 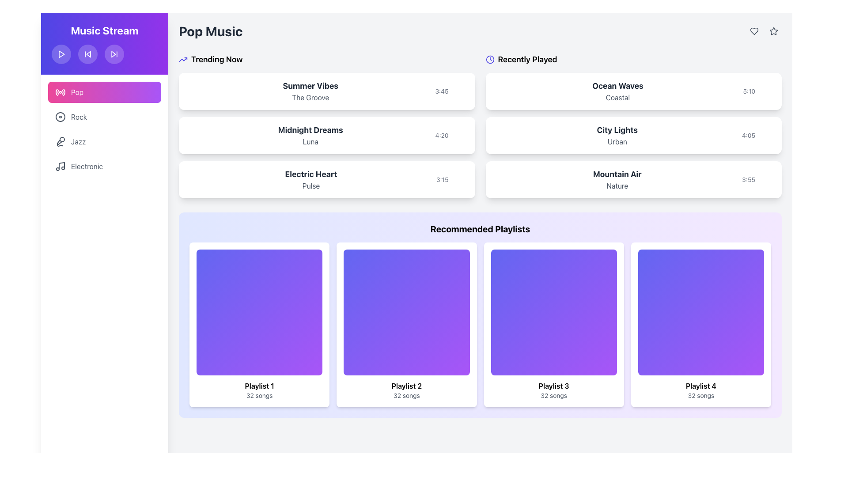 I want to click on the text label that serves as the title of the playlist, which is located above the '32 songs' text in the first card of the 'Recommended Playlists' section, so click(x=259, y=386).